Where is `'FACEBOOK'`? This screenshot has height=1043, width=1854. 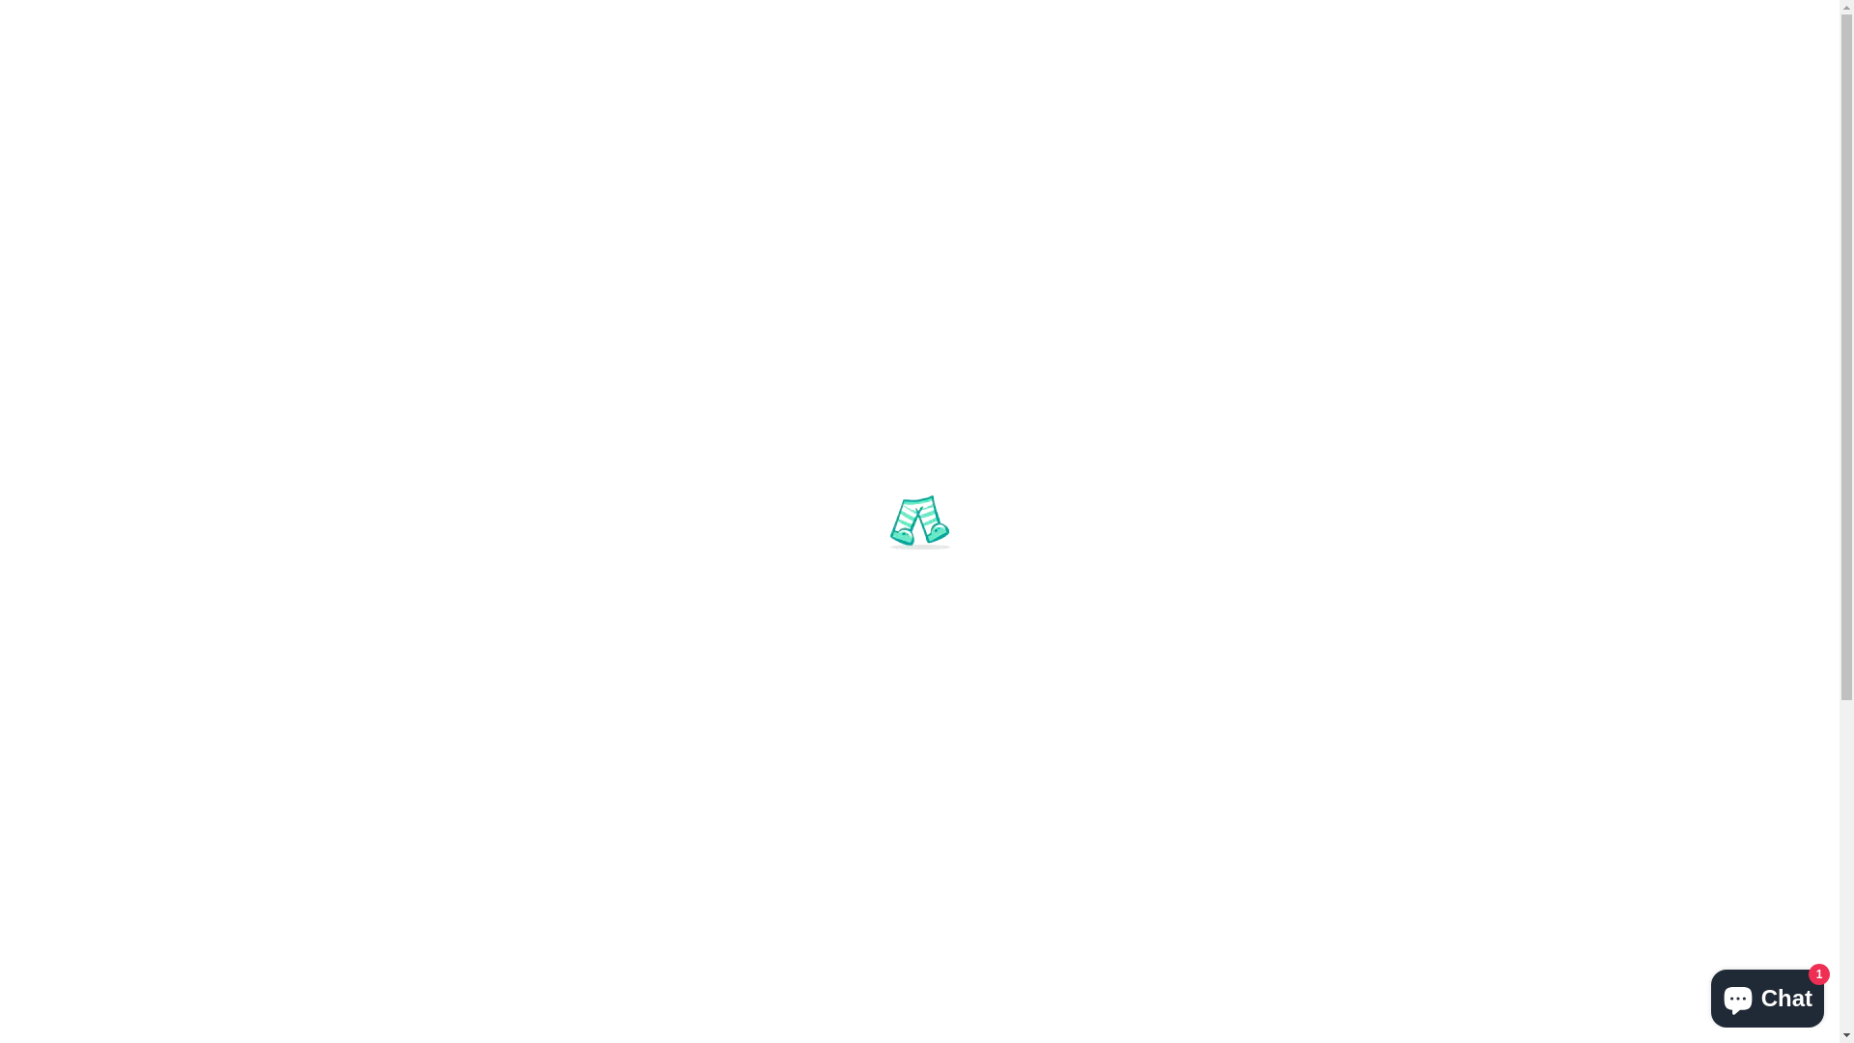
'FACEBOOK' is located at coordinates (71, 19).